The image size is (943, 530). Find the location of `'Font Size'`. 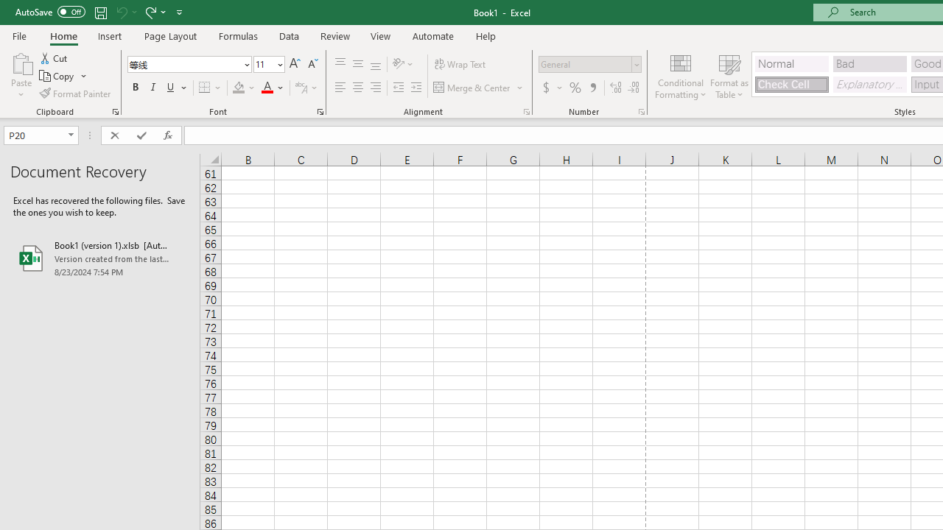

'Font Size' is located at coordinates (264, 63).